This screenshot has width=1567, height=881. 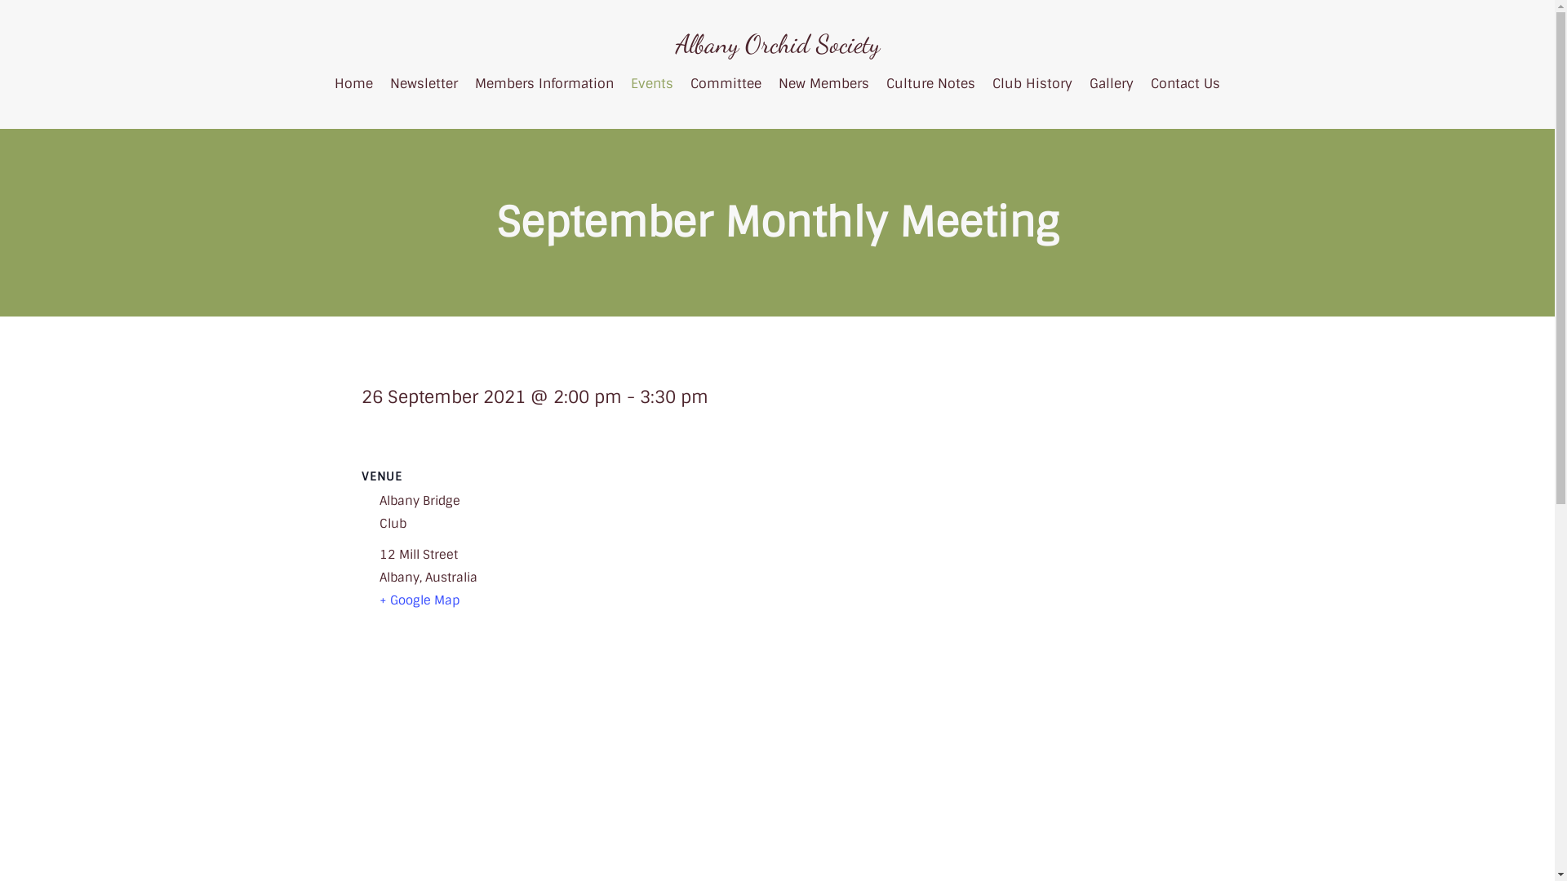 What do you see at coordinates (930, 82) in the screenshot?
I see `'Culture Notes'` at bounding box center [930, 82].